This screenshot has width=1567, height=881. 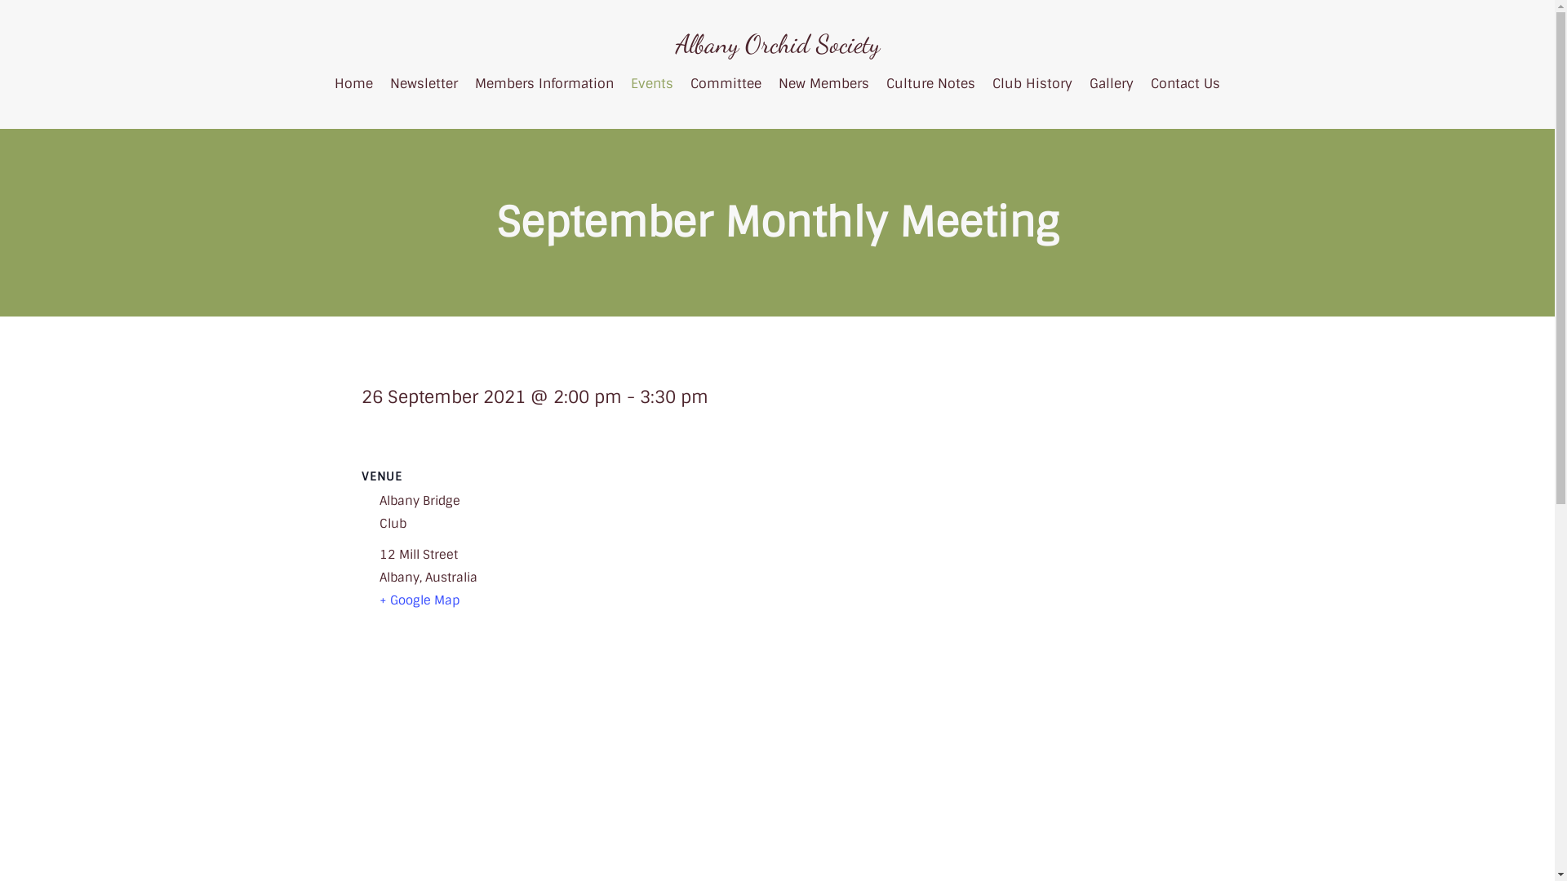 What do you see at coordinates (930, 82) in the screenshot?
I see `'Culture Notes'` at bounding box center [930, 82].